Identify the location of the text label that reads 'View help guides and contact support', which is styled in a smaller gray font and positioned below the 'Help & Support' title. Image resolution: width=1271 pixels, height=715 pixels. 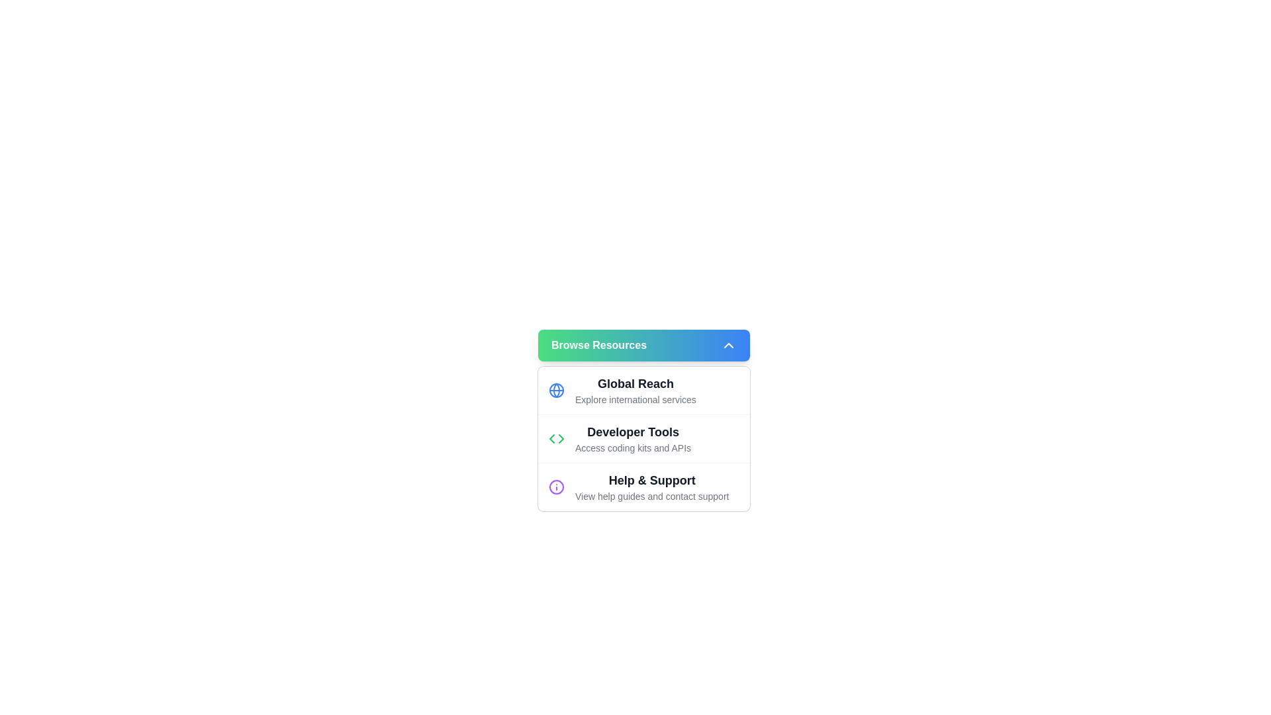
(652, 496).